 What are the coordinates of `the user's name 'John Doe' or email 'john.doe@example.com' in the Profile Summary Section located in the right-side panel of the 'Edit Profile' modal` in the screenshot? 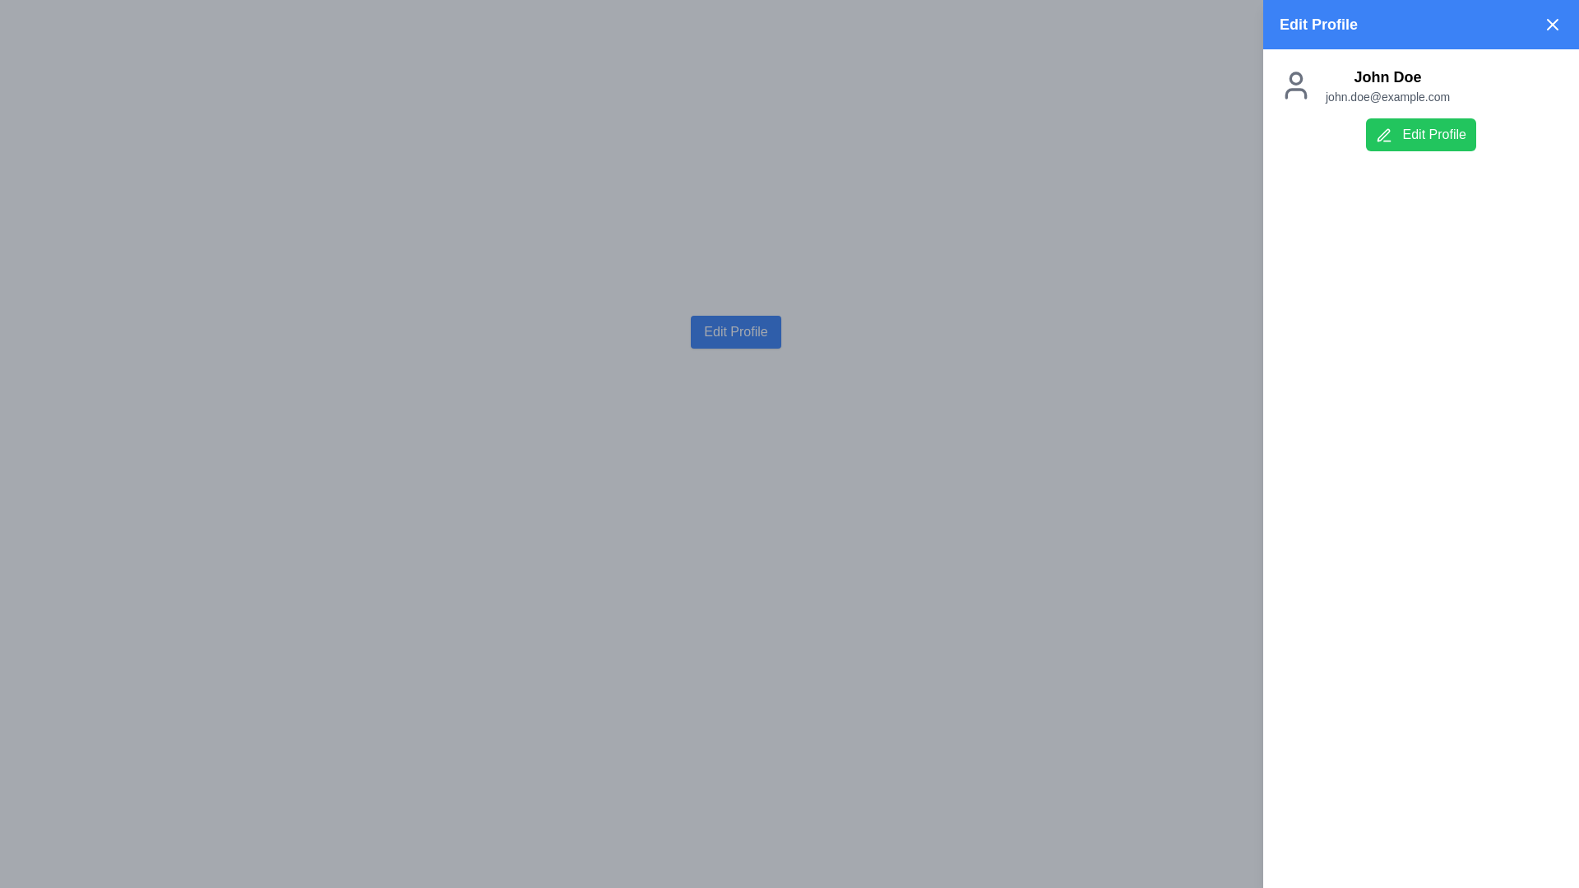 It's located at (1420, 108).